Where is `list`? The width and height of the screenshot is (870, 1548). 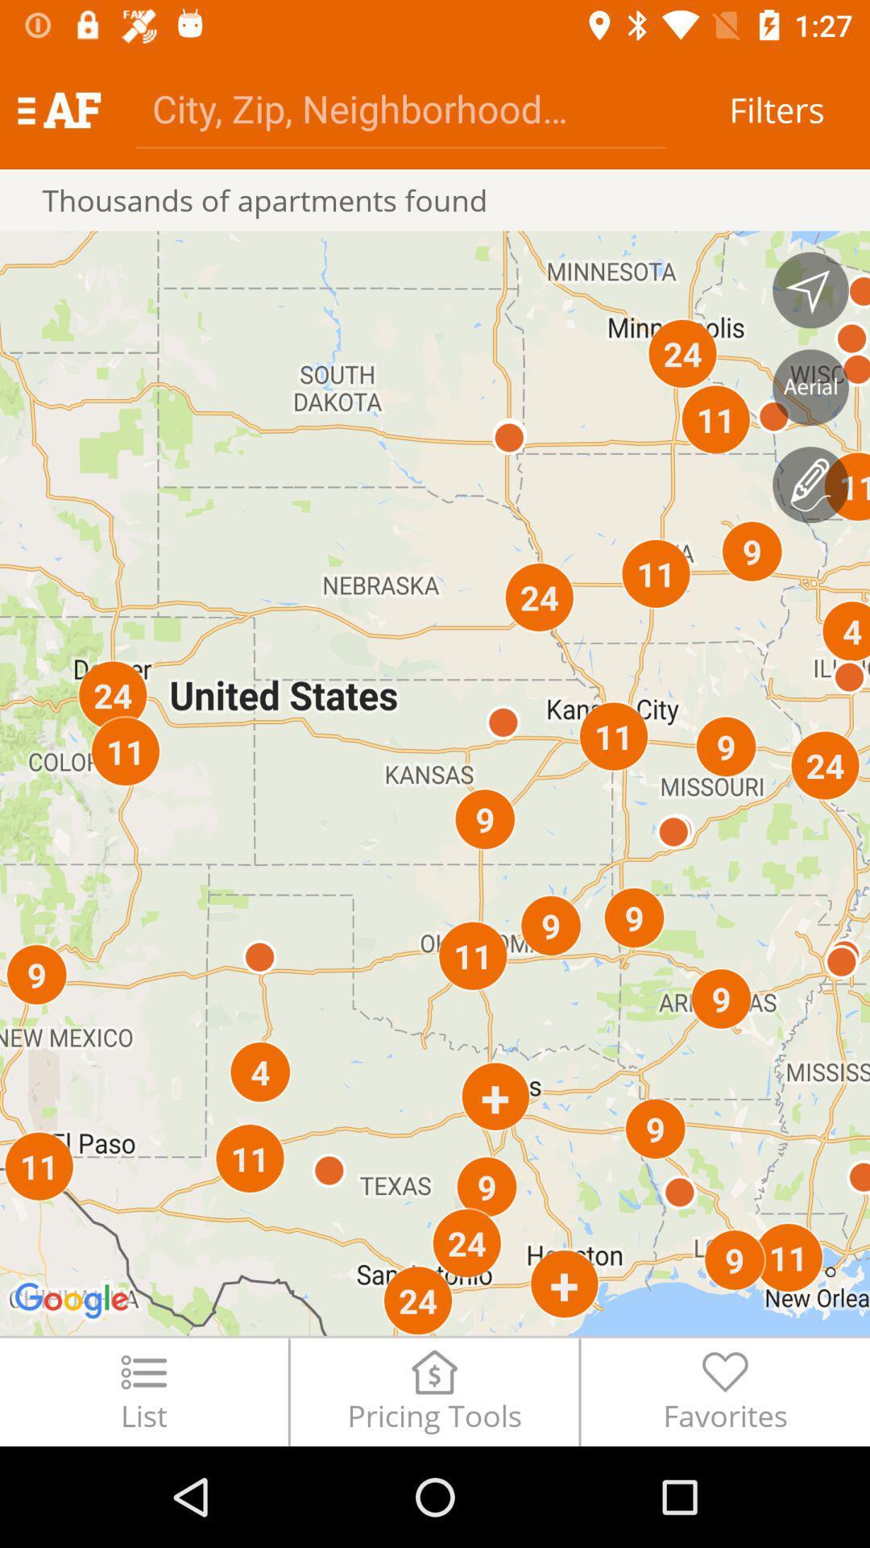 list is located at coordinates (143, 1391).